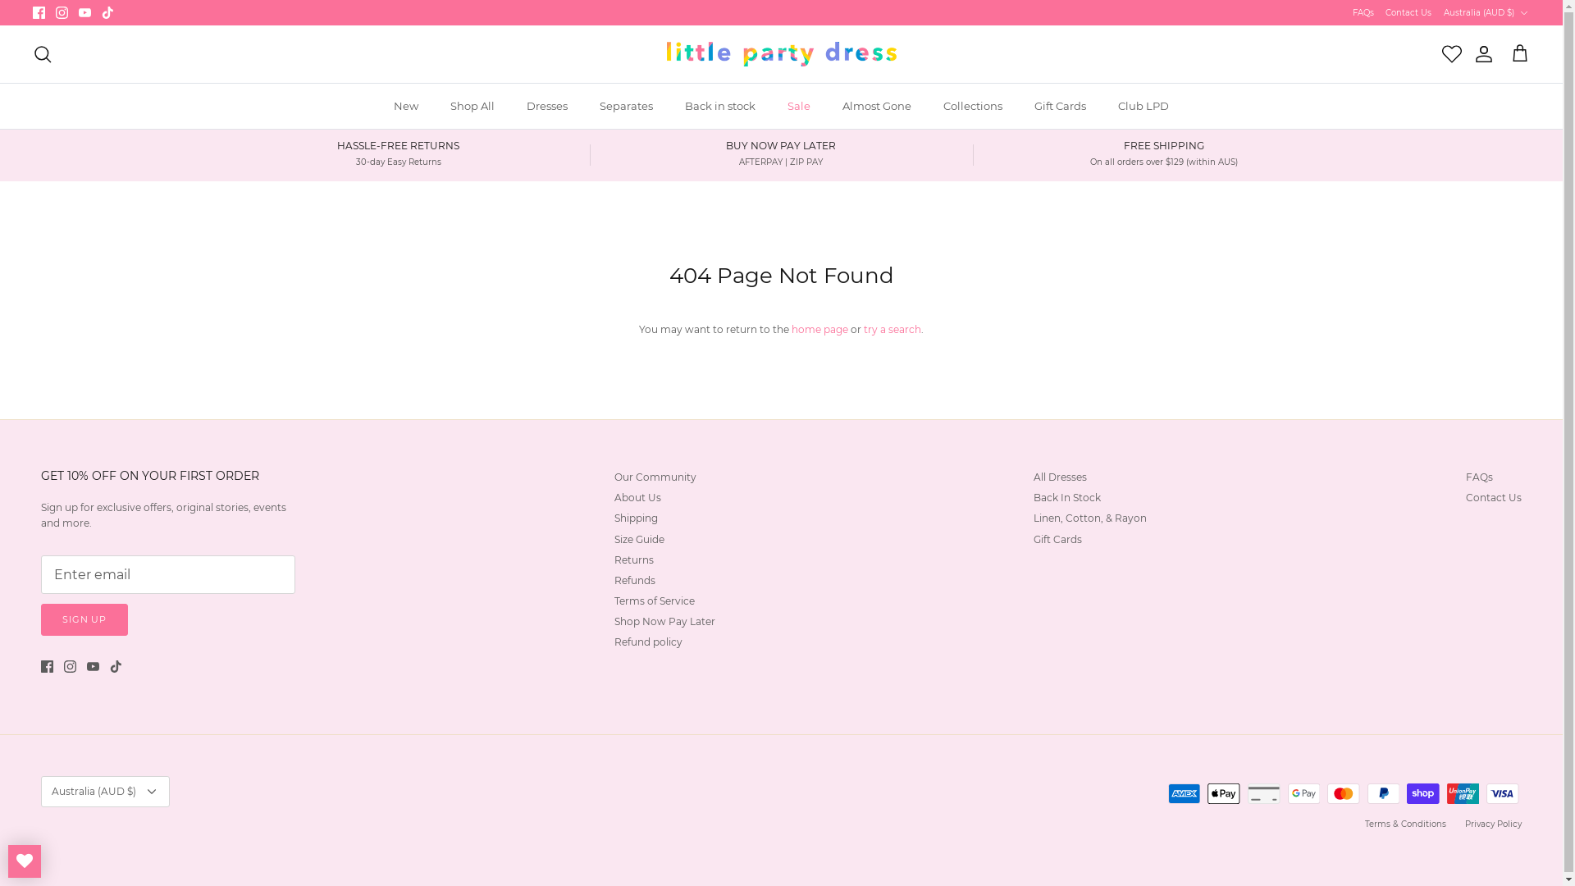 Image resolution: width=1575 pixels, height=886 pixels. What do you see at coordinates (472, 107) in the screenshot?
I see `'Shop All'` at bounding box center [472, 107].